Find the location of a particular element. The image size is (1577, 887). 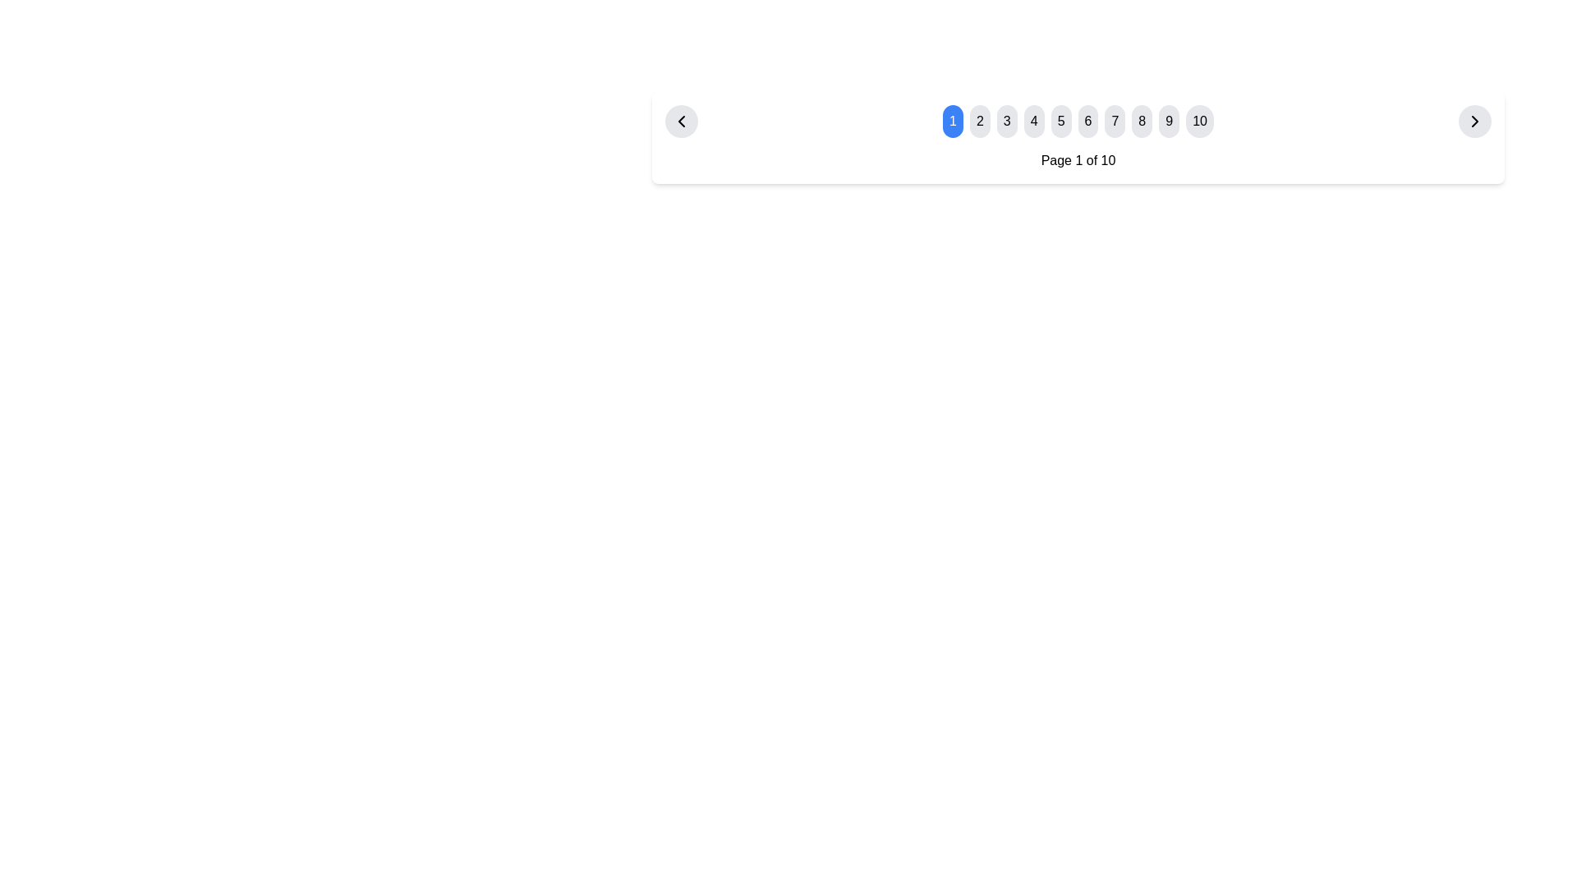

the left-pointing chevron icon within the gray circular button is located at coordinates (682, 120).